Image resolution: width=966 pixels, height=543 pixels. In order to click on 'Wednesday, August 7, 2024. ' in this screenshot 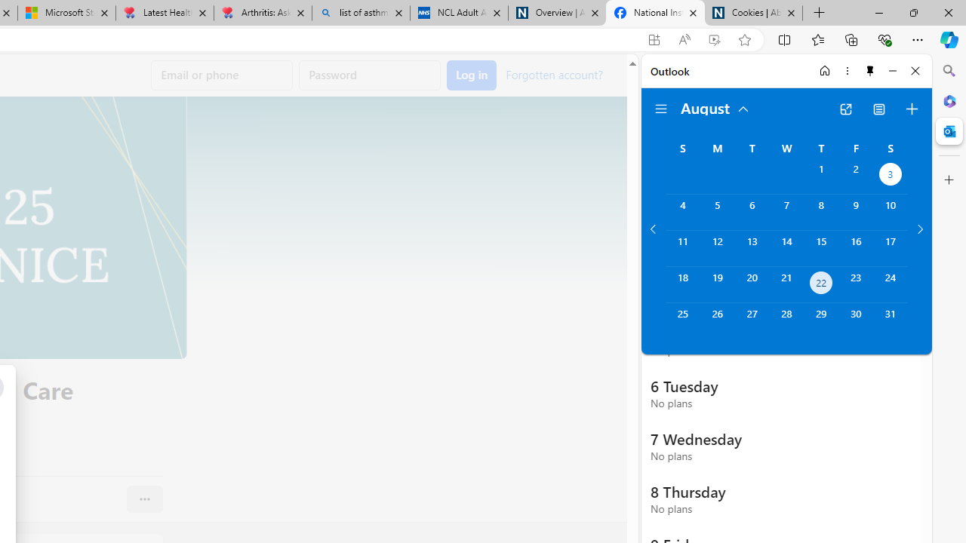, I will do `click(786, 212)`.